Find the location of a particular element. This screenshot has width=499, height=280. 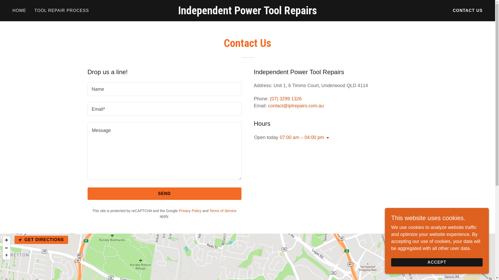

'Zoom out' is located at coordinates (6, 248).